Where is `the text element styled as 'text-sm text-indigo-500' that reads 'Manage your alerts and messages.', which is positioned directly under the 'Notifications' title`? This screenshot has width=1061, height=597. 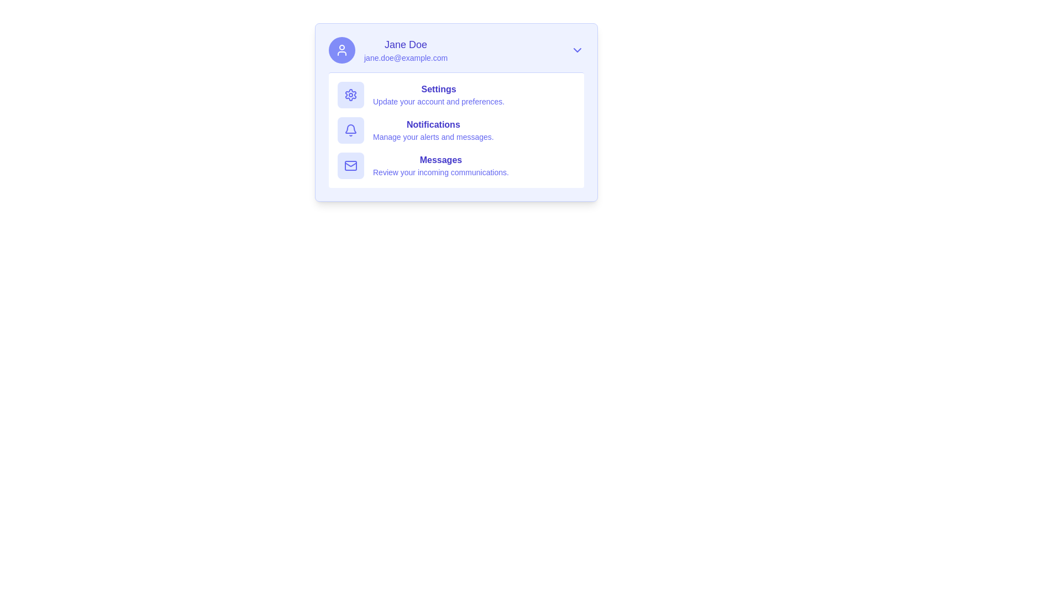 the text element styled as 'text-sm text-indigo-500' that reads 'Manage your alerts and messages.', which is positioned directly under the 'Notifications' title is located at coordinates (433, 136).